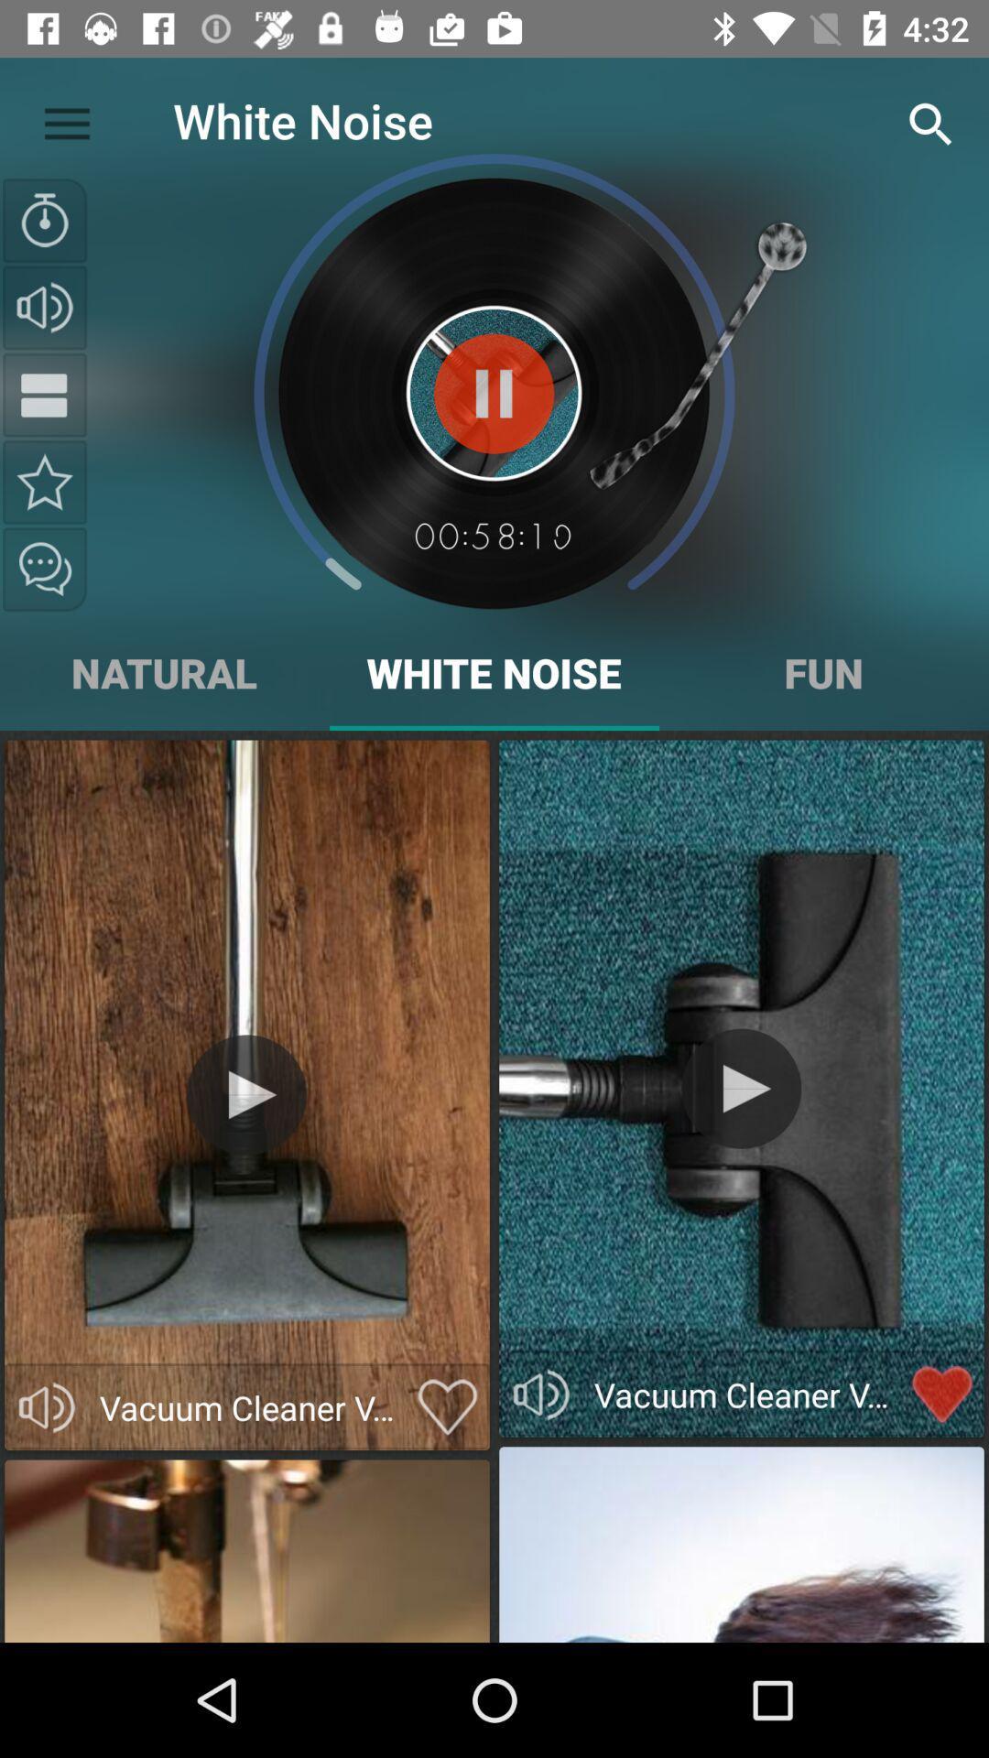  What do you see at coordinates (66, 119) in the screenshot?
I see `the app to the left of white noise app` at bounding box center [66, 119].